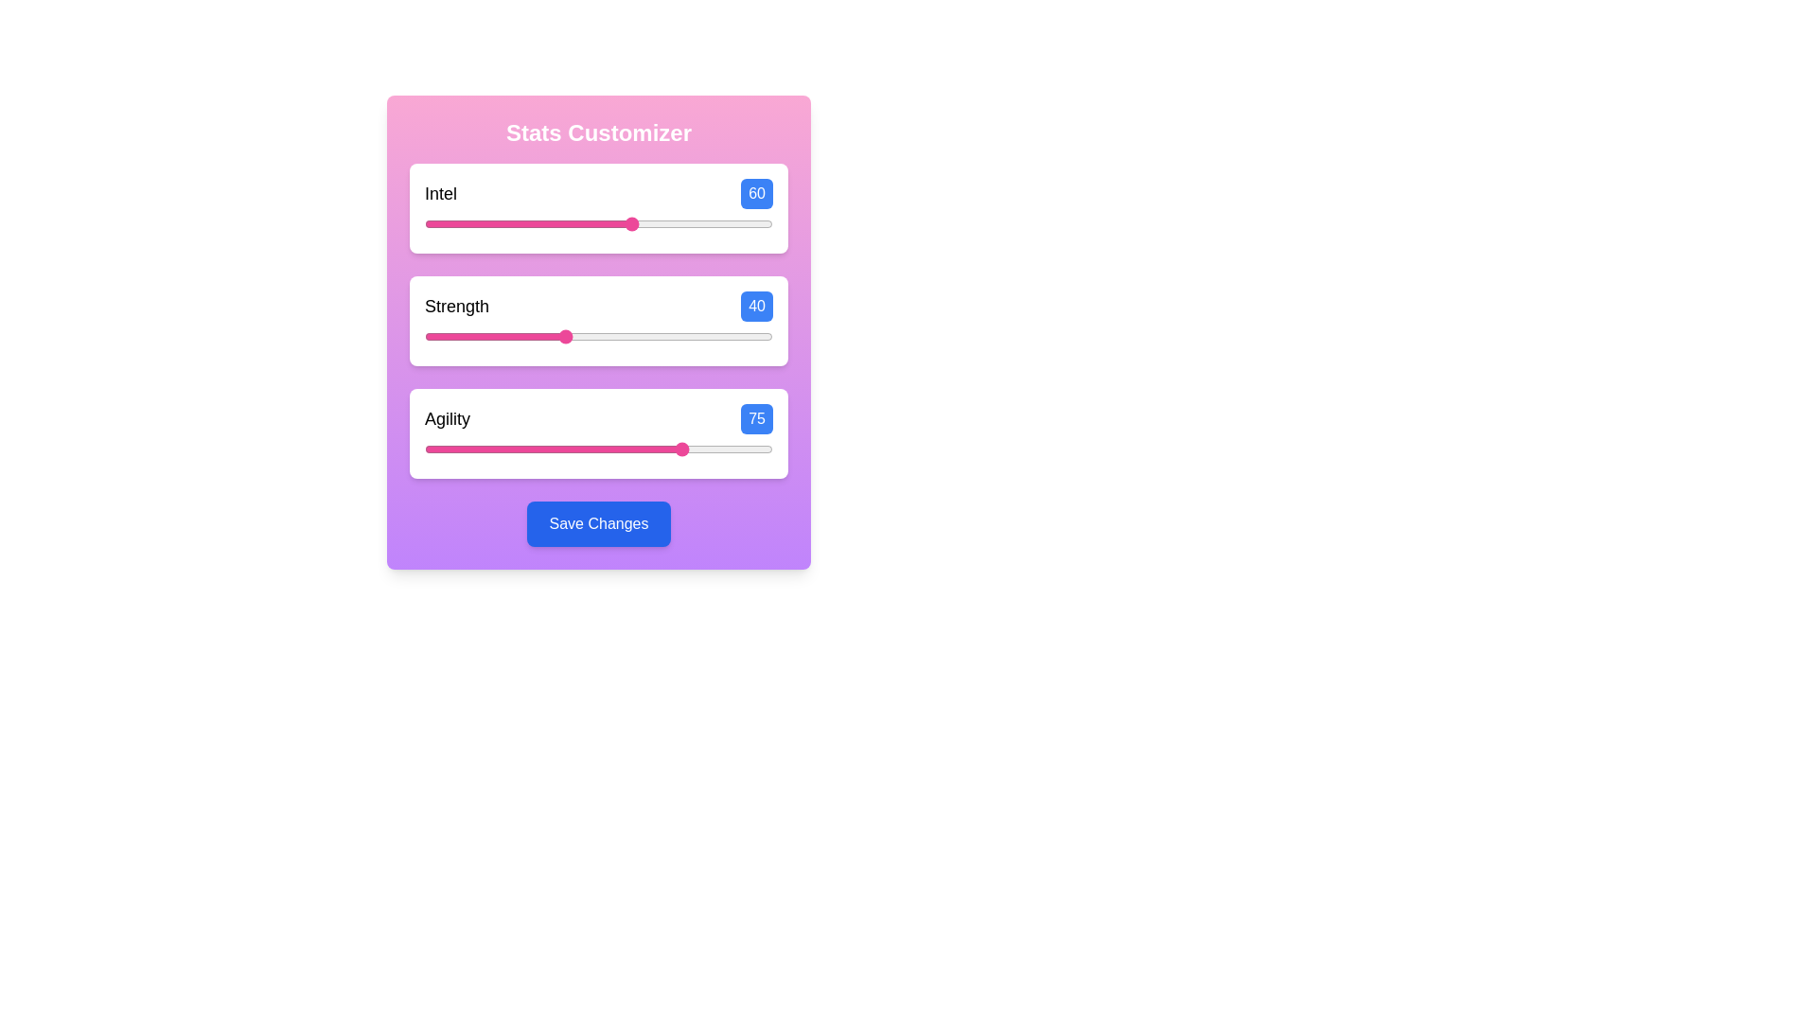 This screenshot has height=1022, width=1817. What do you see at coordinates (737, 449) in the screenshot?
I see `the agility value` at bounding box center [737, 449].